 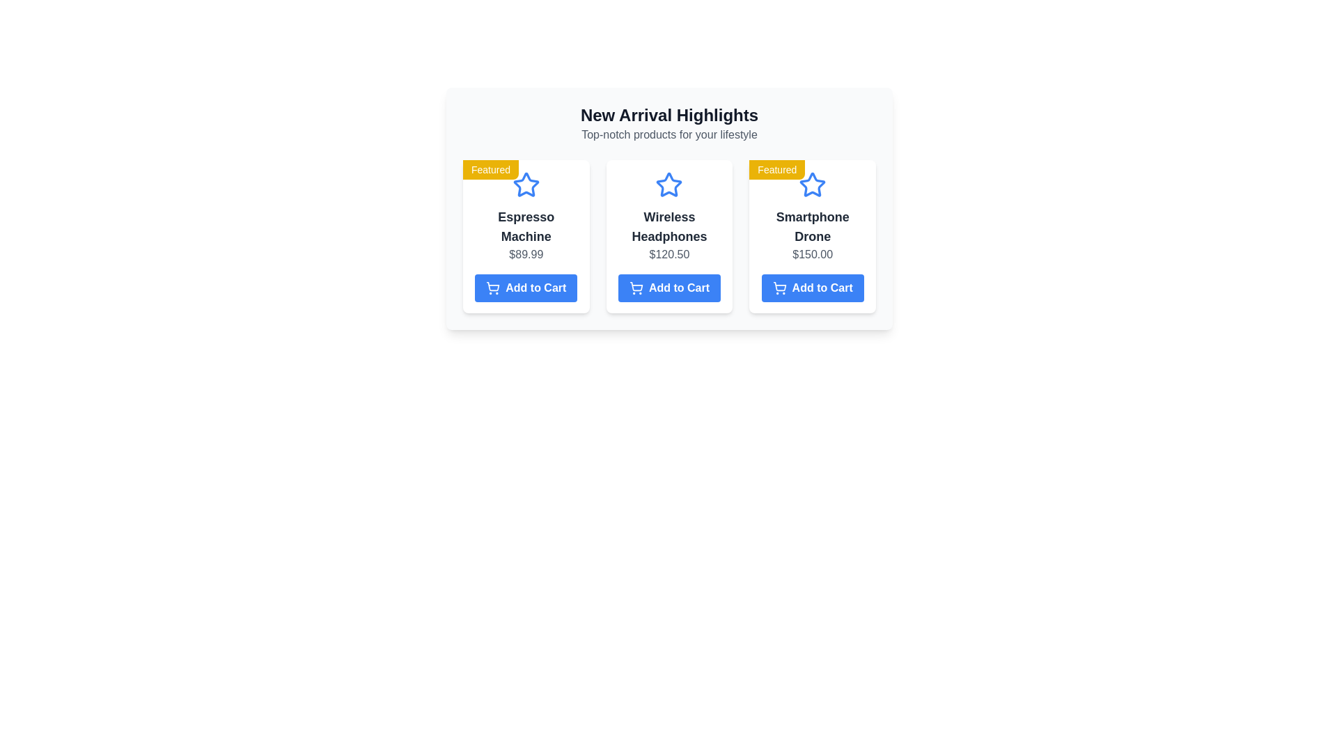 I want to click on the 'Add to Cart' button for the 'Espresso Machine' product located below the price in the 'New Arrival Highlights' section, so click(x=525, y=287).